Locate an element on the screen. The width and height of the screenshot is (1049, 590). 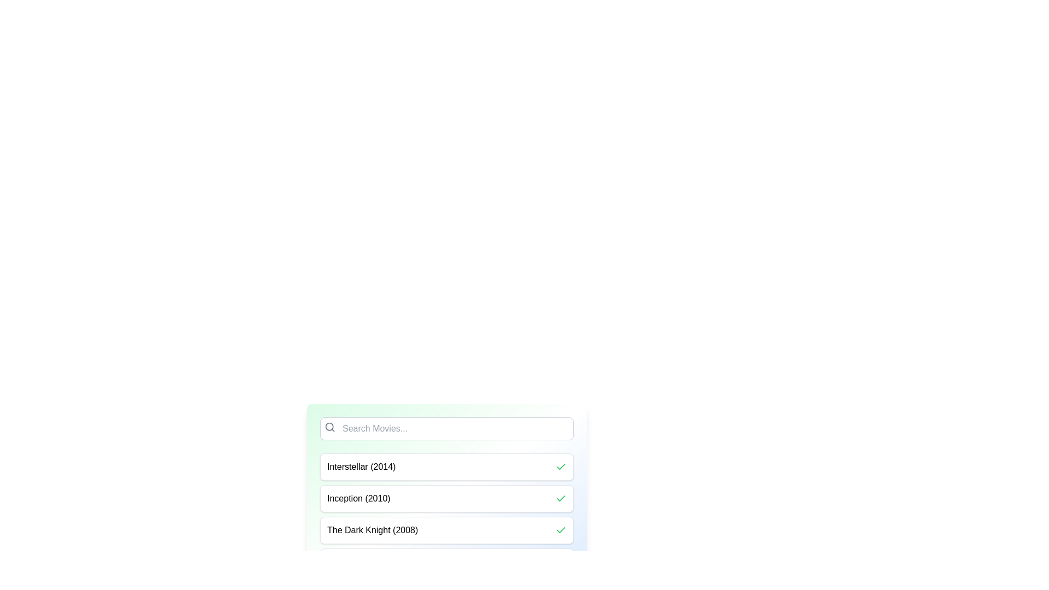
the search icon located at the leftmost position inside the rectangular box containing the search input field is located at coordinates (329, 427).